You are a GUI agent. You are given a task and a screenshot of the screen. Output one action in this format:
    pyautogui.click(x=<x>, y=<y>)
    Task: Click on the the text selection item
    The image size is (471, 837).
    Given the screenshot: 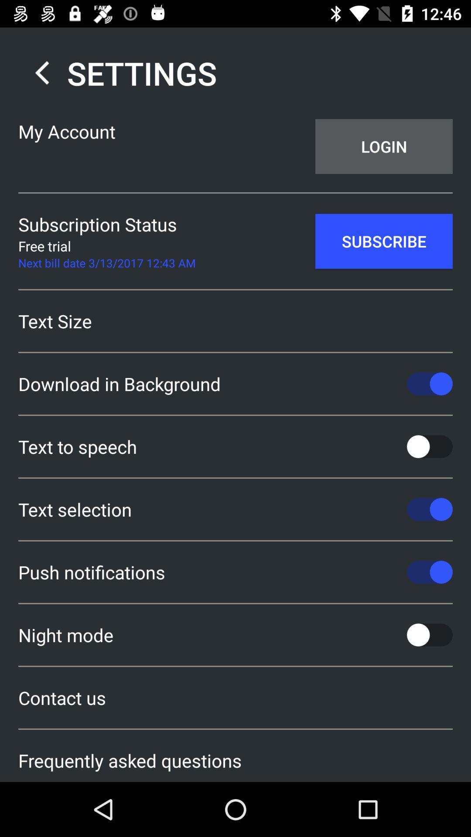 What is the action you would take?
    pyautogui.click(x=235, y=509)
    